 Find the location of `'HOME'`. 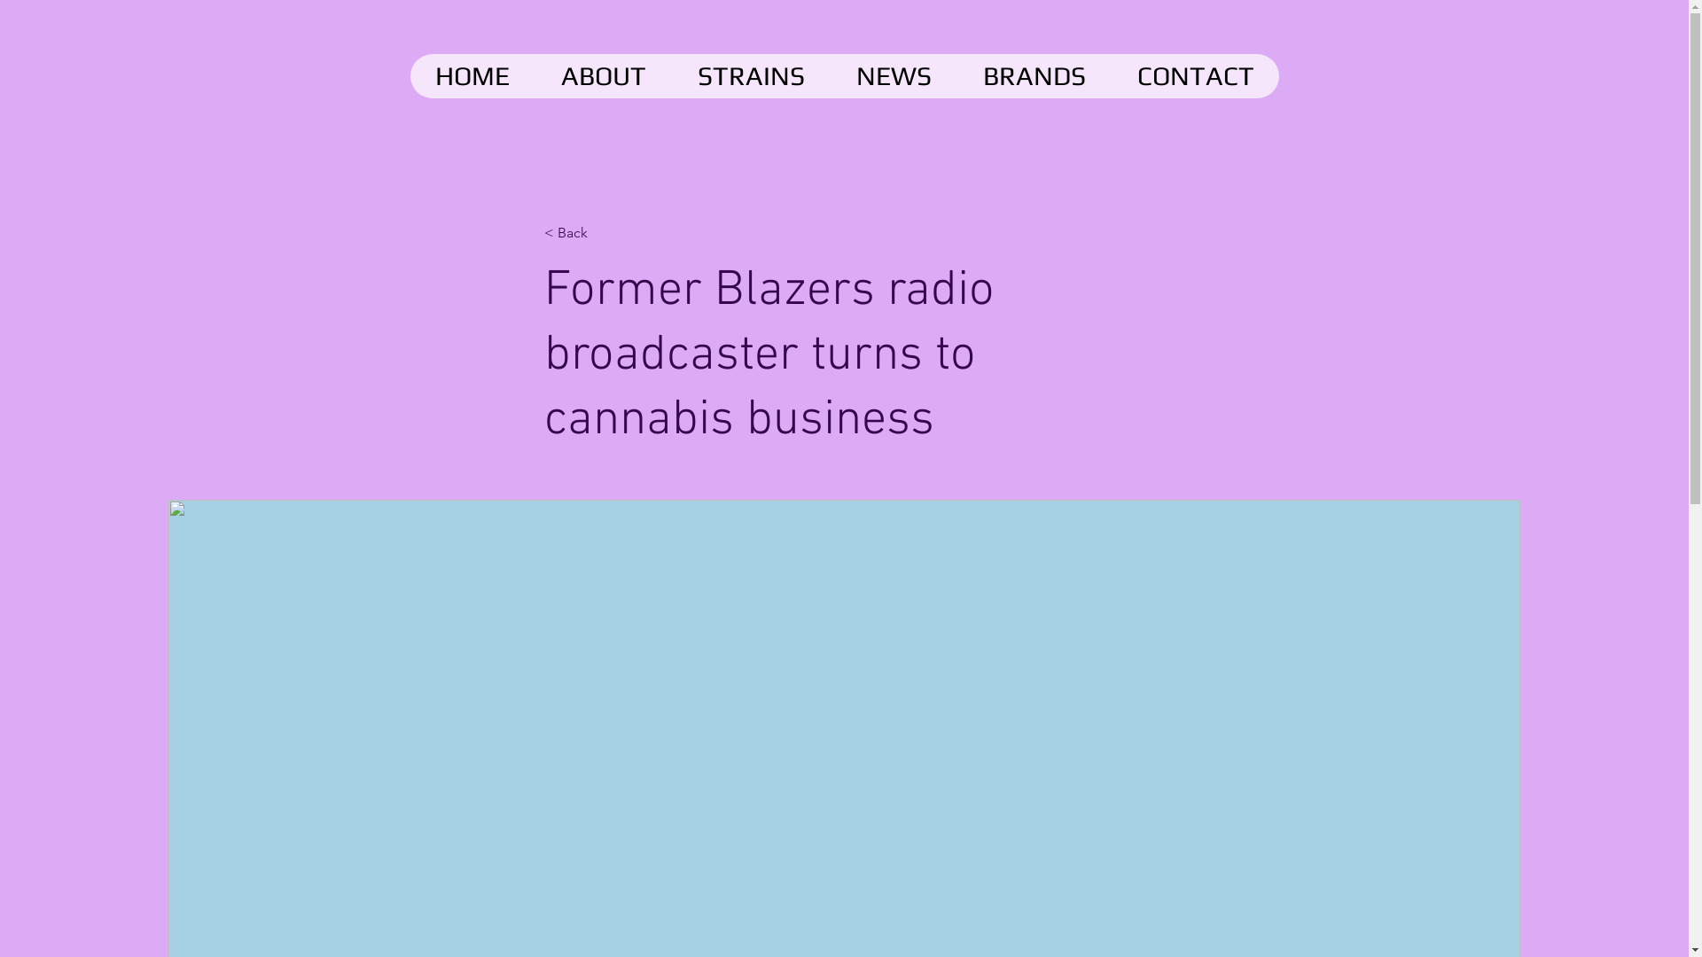

'HOME' is located at coordinates (472, 74).